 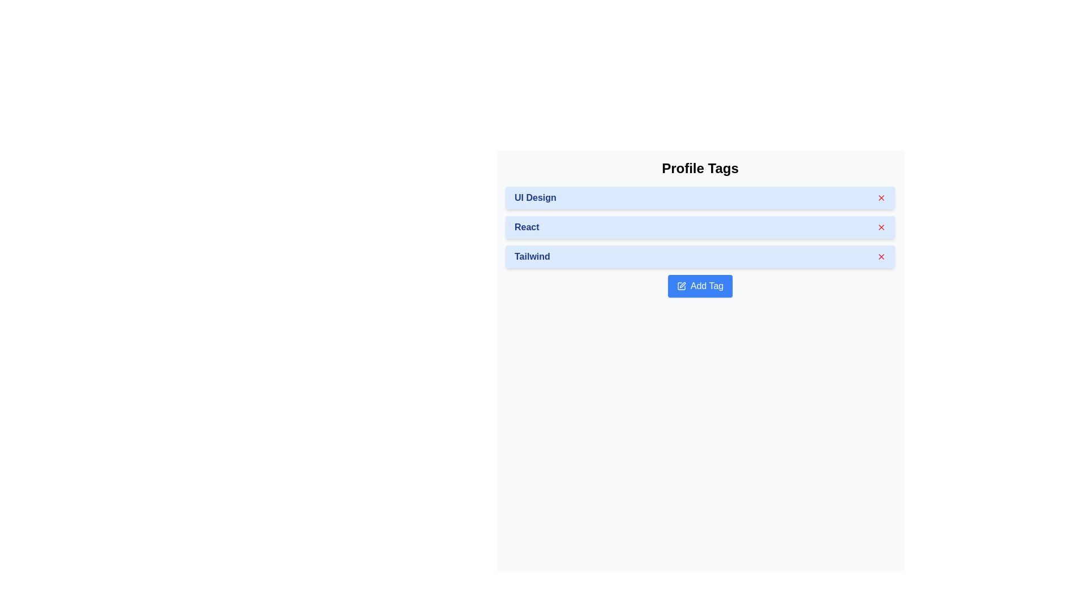 I want to click on the button with a blue background and white text that reads 'Add Tag', which features a pen icon and is located at the bottom of the list of tags, so click(x=700, y=285).